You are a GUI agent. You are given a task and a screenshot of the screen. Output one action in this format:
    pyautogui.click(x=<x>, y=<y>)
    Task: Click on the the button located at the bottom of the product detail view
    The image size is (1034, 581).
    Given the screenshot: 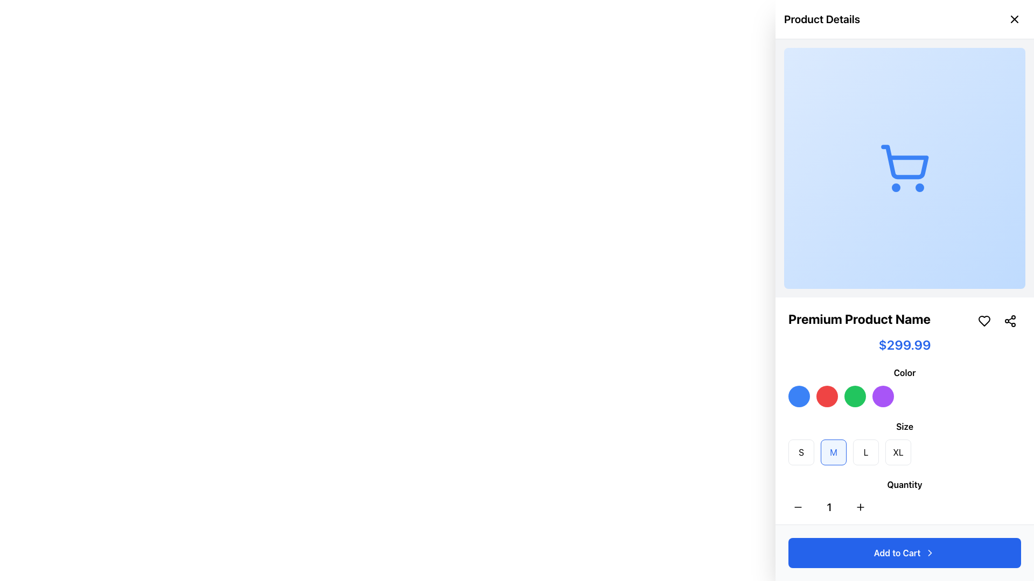 What is the action you would take?
    pyautogui.click(x=905, y=553)
    